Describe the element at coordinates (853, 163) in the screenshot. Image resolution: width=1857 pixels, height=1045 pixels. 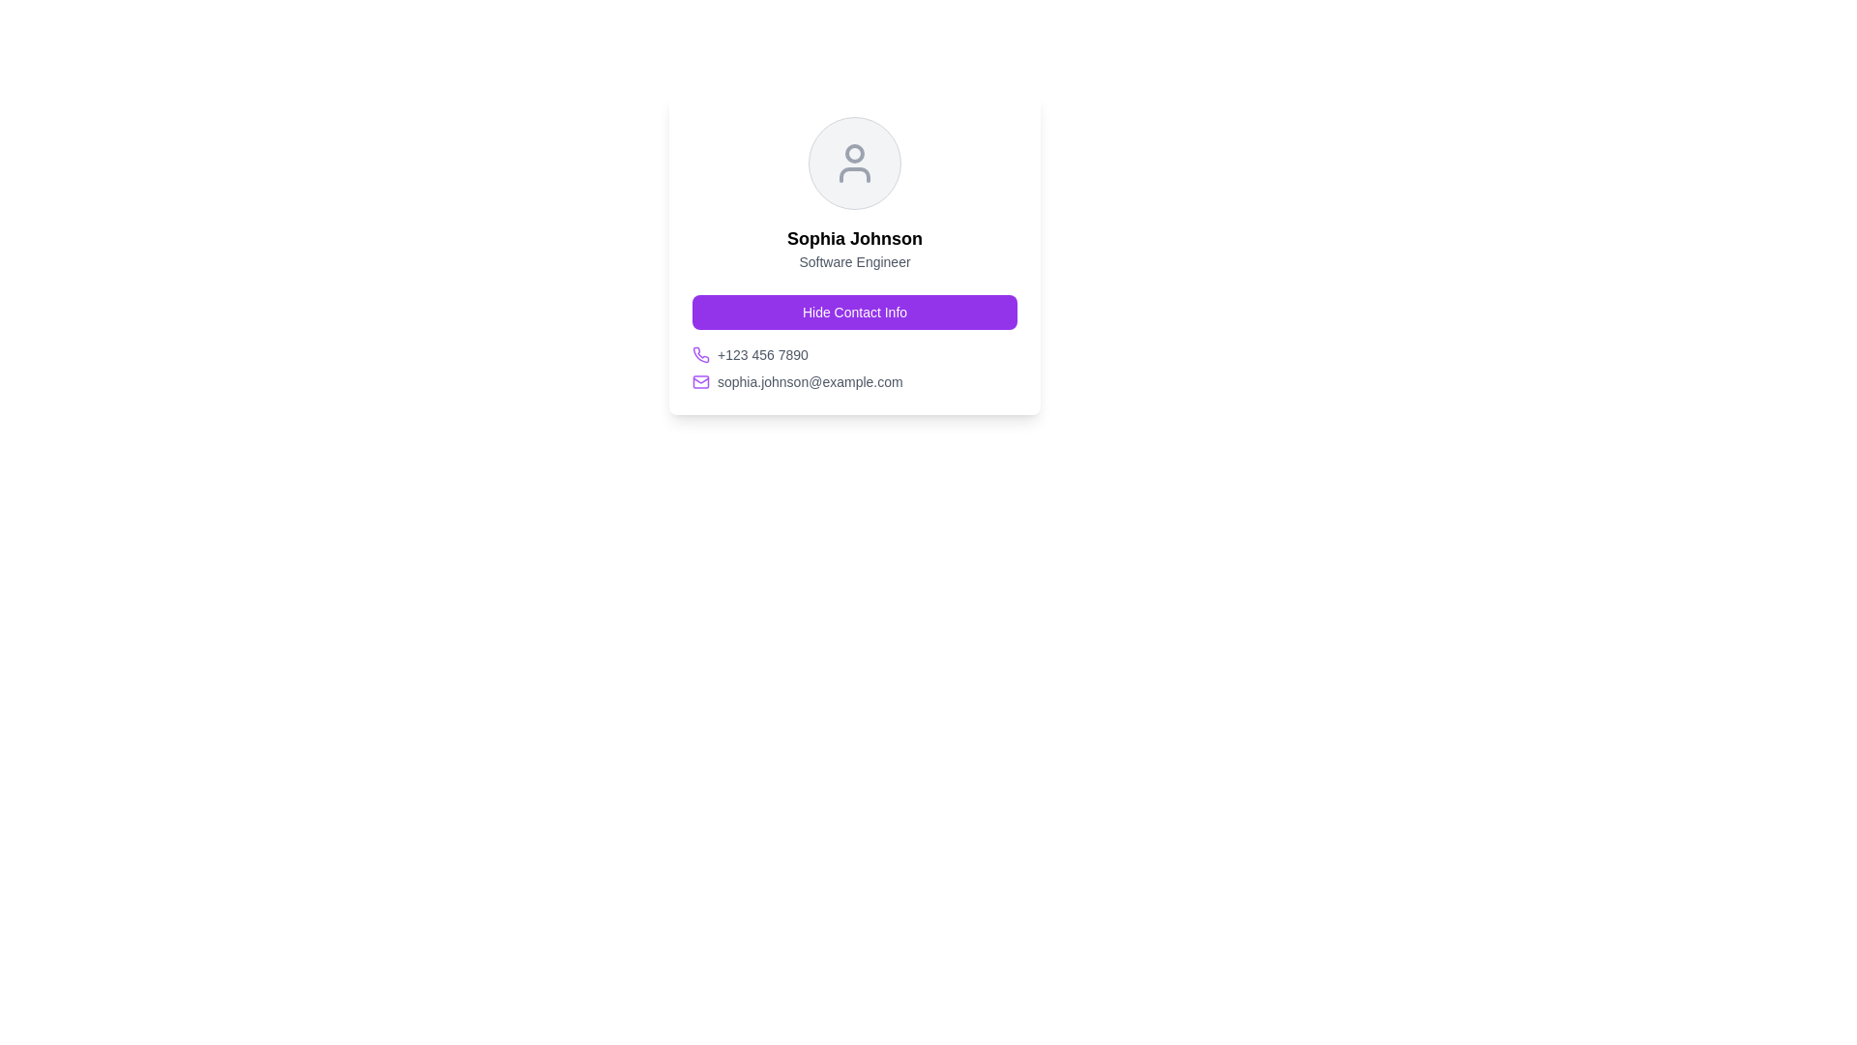
I see `the user icon SVG graphic, which is styled with thin gray strokes and centered in a circular gray background, to associate it with the user profile` at that location.